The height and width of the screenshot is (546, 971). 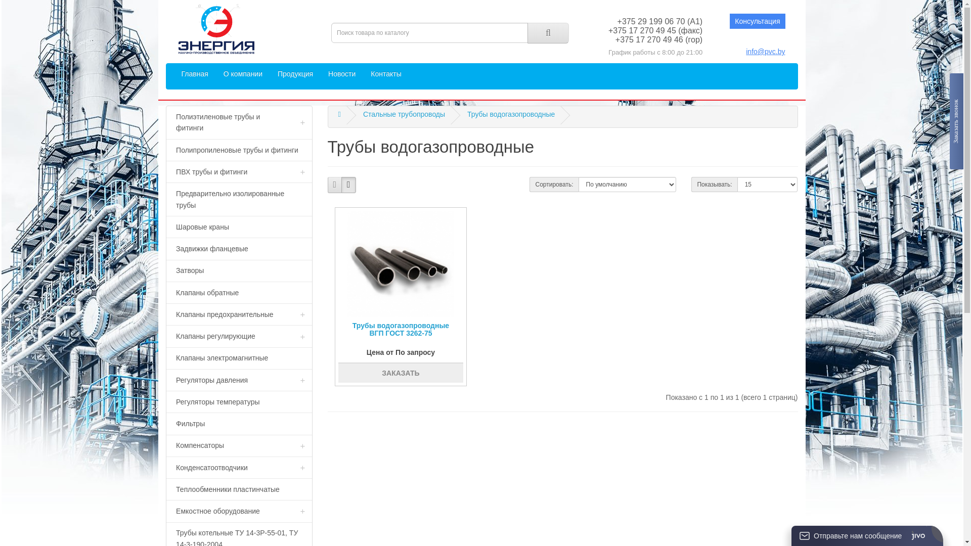 What do you see at coordinates (765, 51) in the screenshot?
I see `'info@pvc.by'` at bounding box center [765, 51].